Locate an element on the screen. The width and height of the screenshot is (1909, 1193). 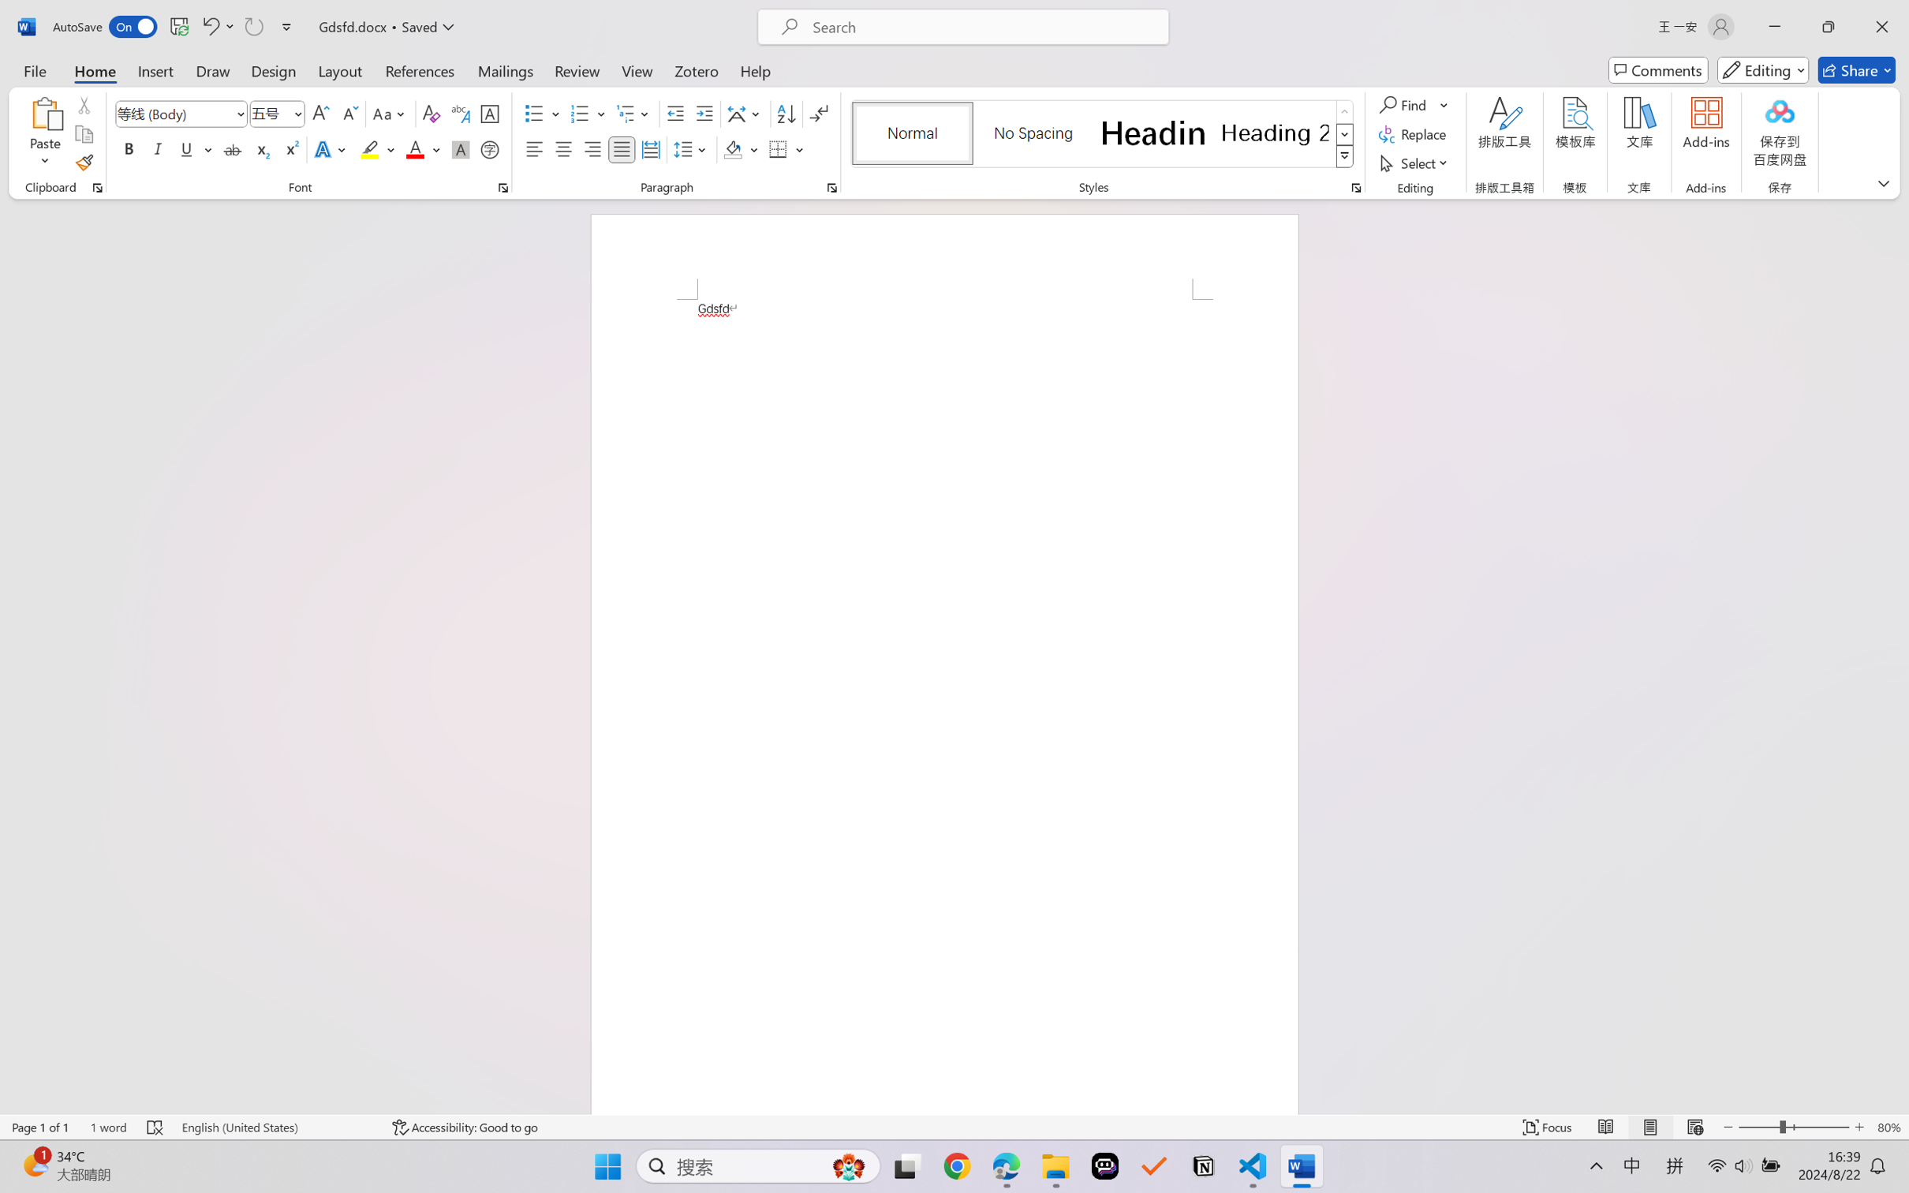
'Zoom 80%' is located at coordinates (1888, 1127).